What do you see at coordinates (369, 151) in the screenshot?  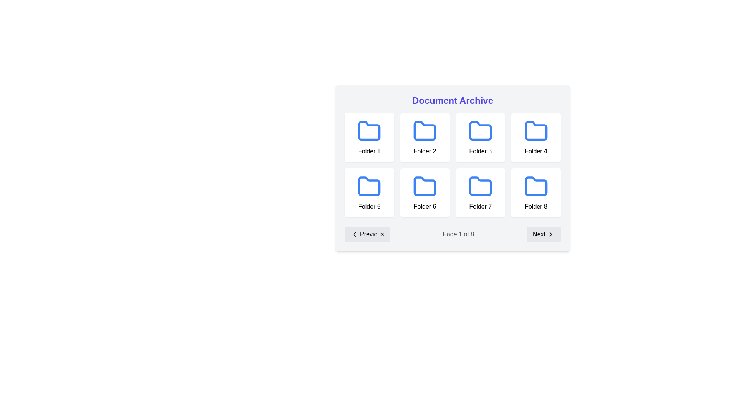 I see `the text label that identifies the folder represented by the icon above it, located in the first column of the first row in a grid layout under the 'Document Archive' title` at bounding box center [369, 151].